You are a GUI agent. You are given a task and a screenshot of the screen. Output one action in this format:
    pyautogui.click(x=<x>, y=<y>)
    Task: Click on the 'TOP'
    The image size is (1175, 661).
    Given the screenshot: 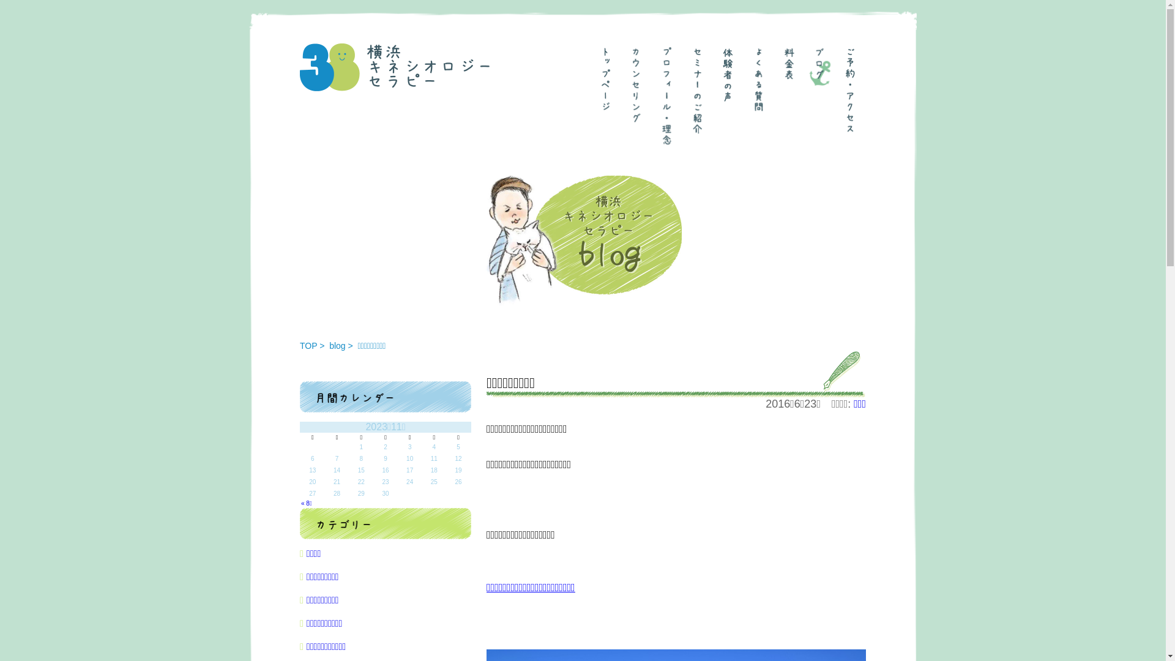 What is the action you would take?
    pyautogui.click(x=308, y=345)
    